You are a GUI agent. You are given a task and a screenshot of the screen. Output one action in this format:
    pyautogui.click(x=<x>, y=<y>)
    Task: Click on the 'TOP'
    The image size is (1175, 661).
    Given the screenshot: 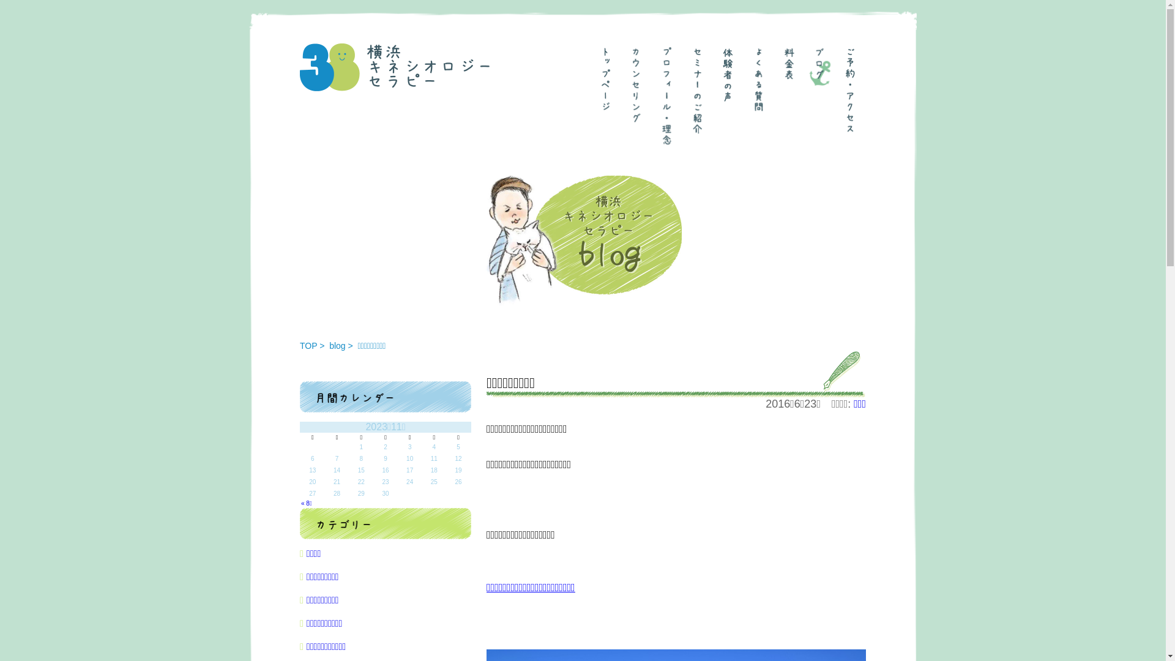 What is the action you would take?
    pyautogui.click(x=308, y=345)
    